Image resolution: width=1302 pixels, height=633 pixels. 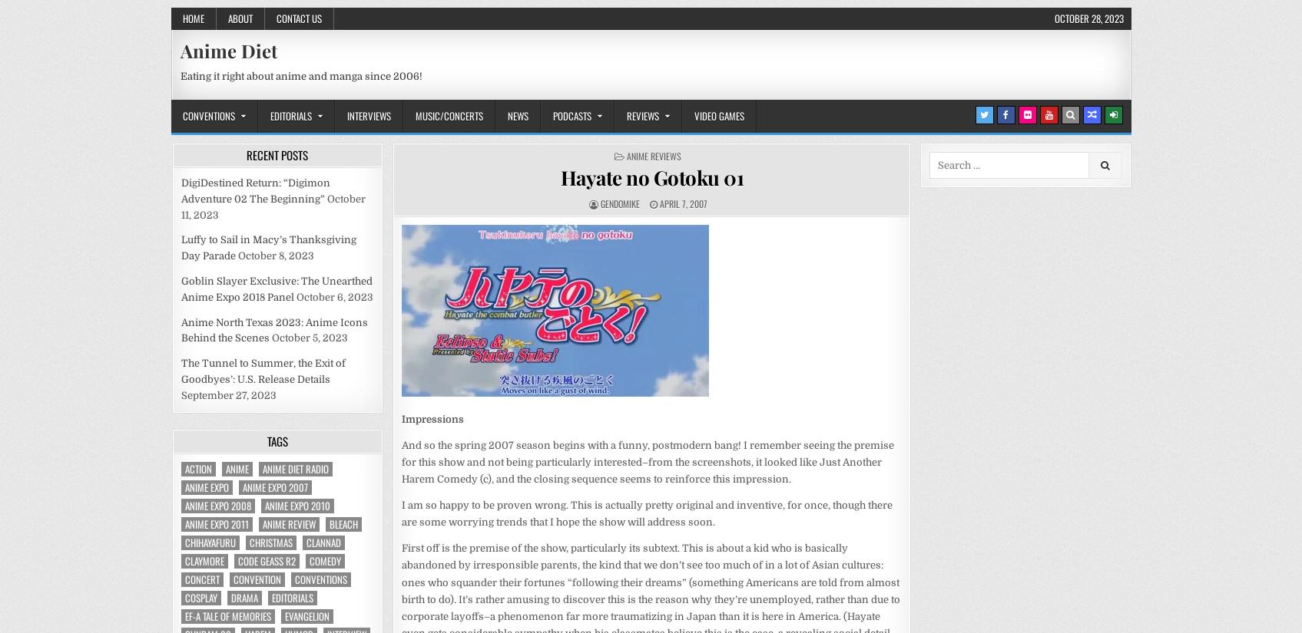 What do you see at coordinates (227, 394) in the screenshot?
I see `'September 27, 2023'` at bounding box center [227, 394].